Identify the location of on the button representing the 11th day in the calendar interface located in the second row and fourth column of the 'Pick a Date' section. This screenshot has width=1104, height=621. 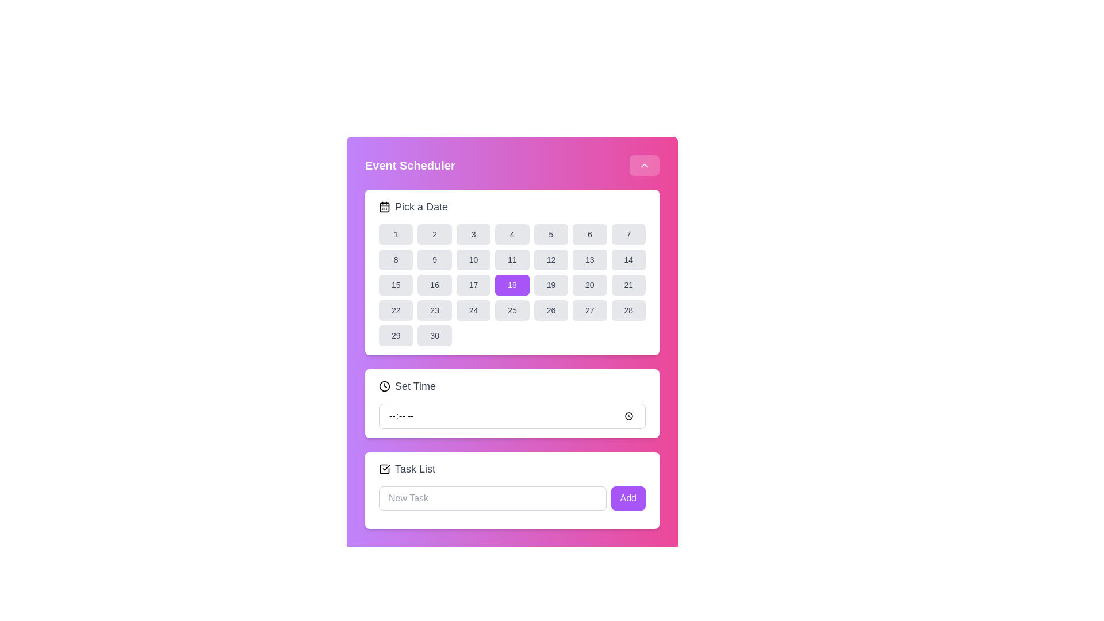
(512, 259).